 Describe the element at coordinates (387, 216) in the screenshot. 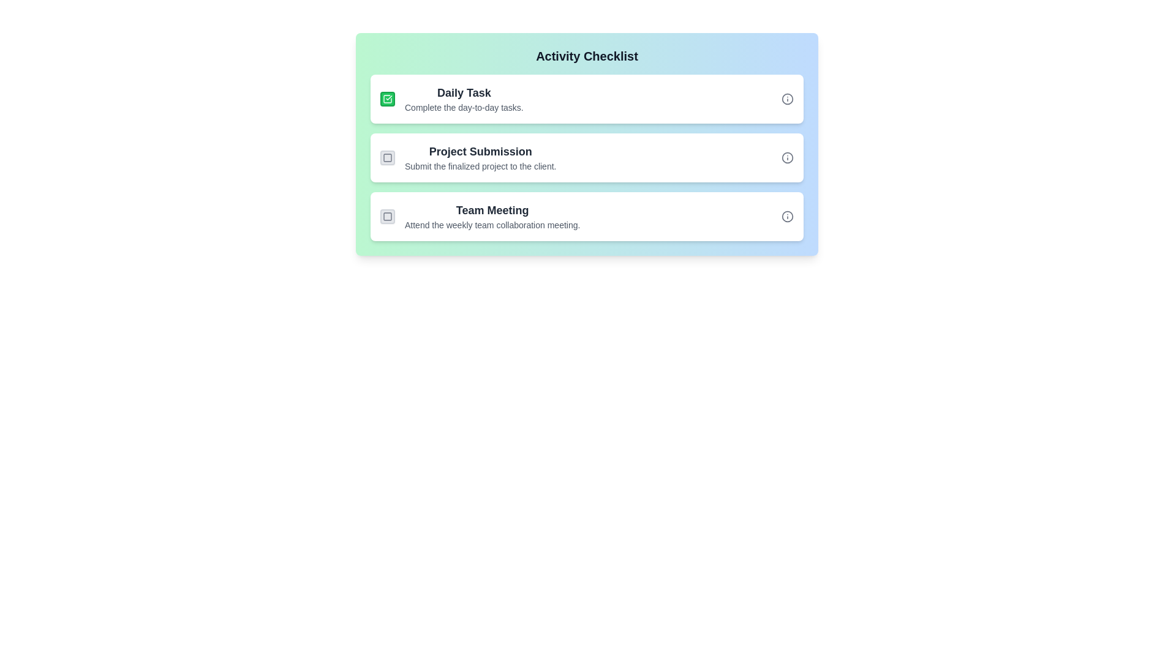

I see `the inner rectangle graphic element that indicates the status of the 'Team Meeting' checklist item, positioned third from the top in the list` at that location.